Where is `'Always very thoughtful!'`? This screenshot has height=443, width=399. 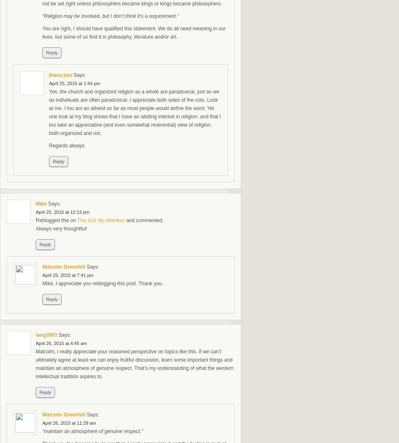
'Always very thoughtful!' is located at coordinates (61, 228).